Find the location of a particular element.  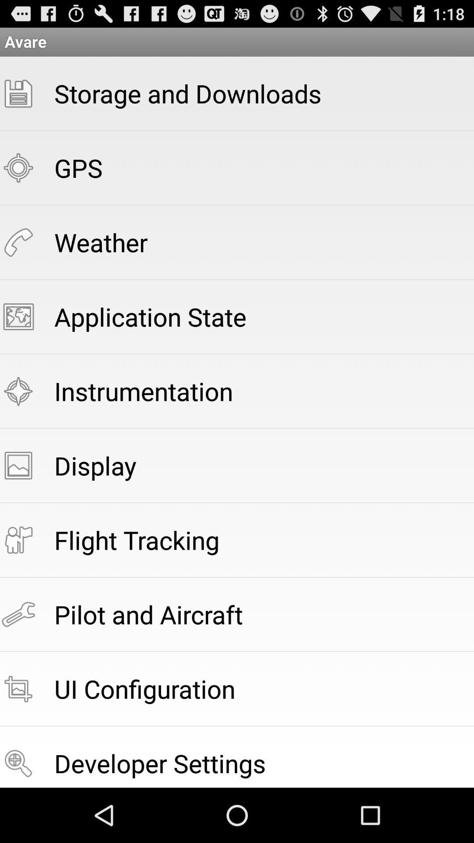

app above weather item is located at coordinates (78, 168).